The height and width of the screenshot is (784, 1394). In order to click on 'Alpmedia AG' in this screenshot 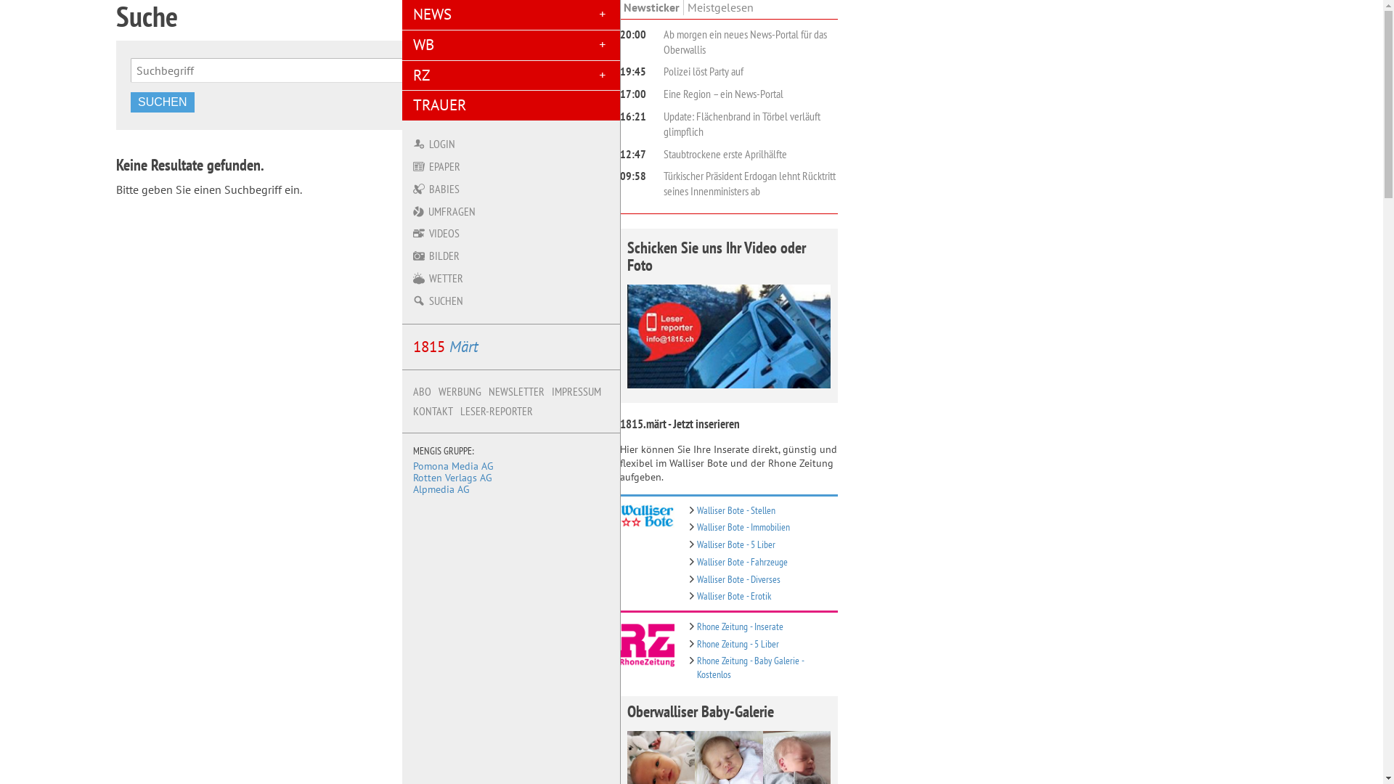, I will do `click(412, 489)`.